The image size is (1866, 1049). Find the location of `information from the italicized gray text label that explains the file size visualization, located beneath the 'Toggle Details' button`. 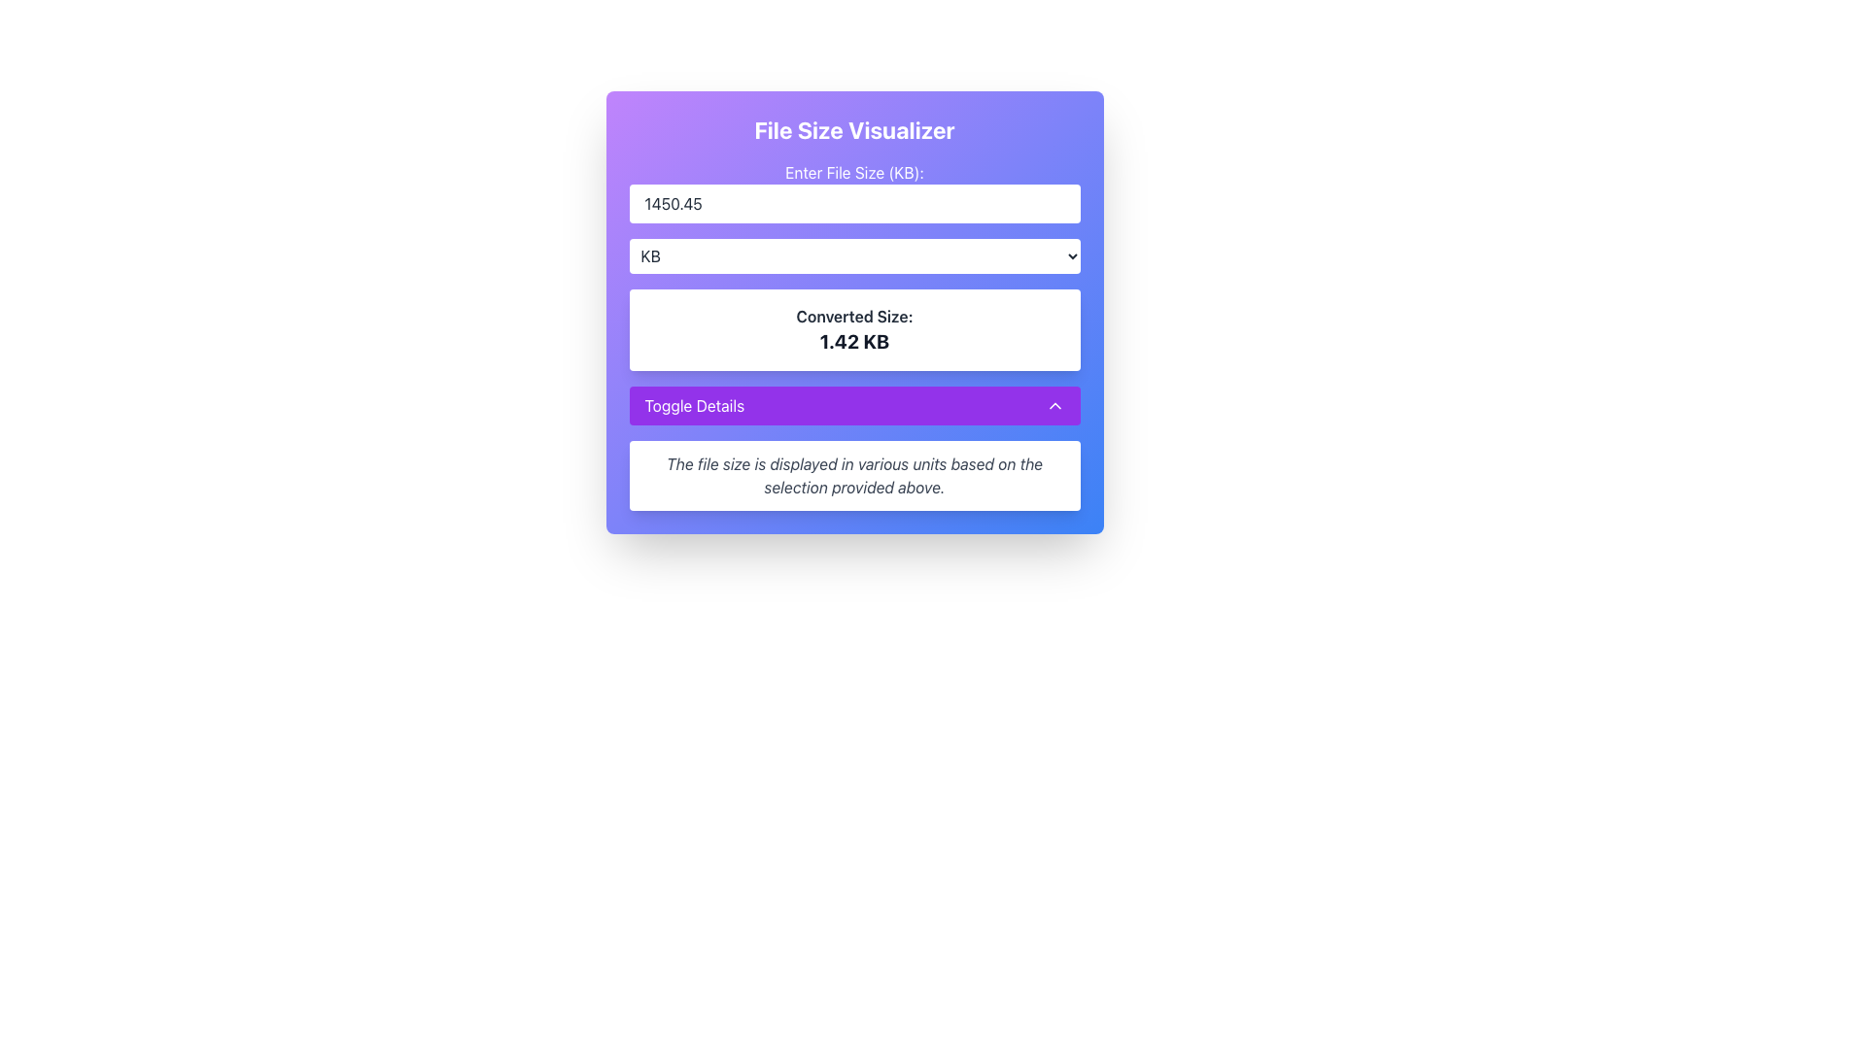

information from the italicized gray text label that explains the file size visualization, located beneath the 'Toggle Details' button is located at coordinates (854, 475).